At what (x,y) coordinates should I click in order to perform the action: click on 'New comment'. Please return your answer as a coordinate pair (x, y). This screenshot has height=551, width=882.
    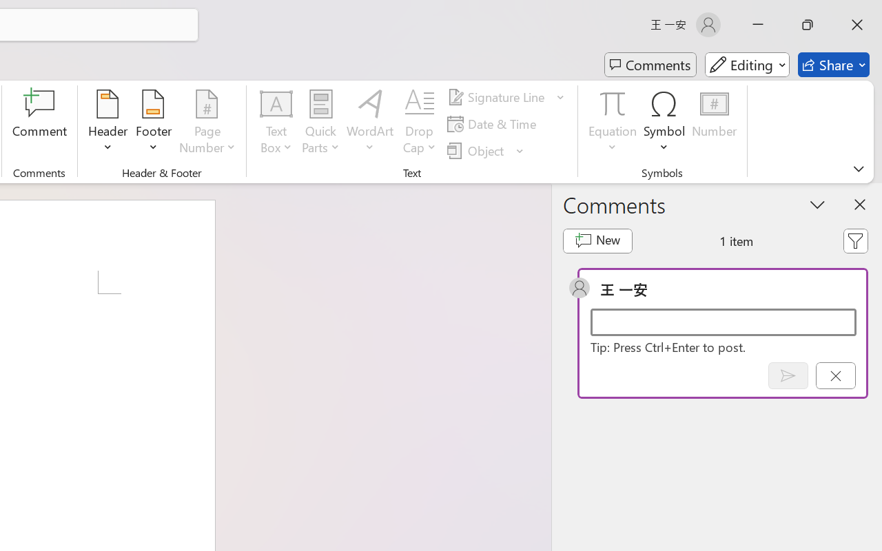
    Looking at the image, I should click on (597, 241).